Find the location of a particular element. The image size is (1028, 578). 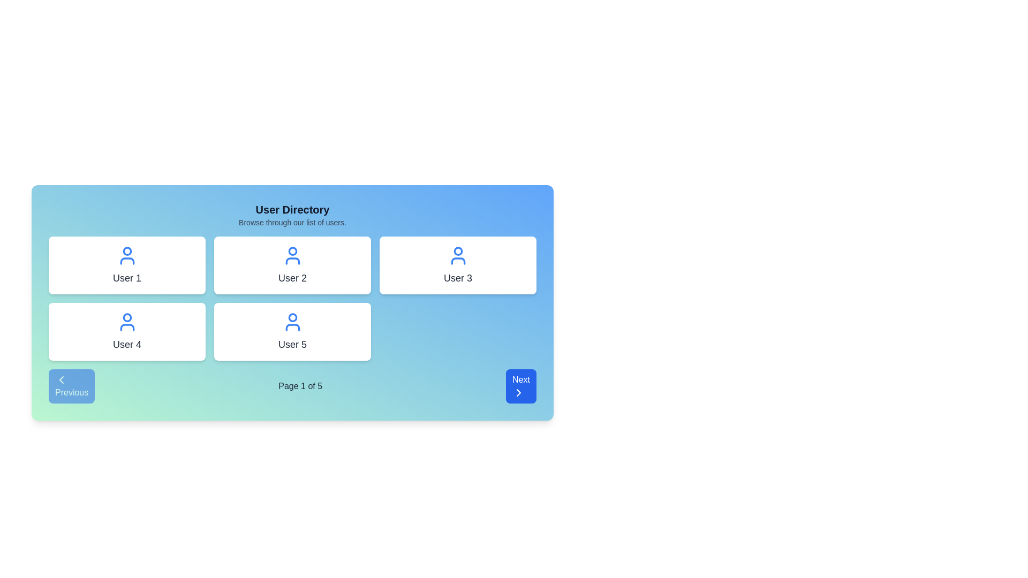

the decorative icon representing 'User 1', located at the center top of the first user card in the grid is located at coordinates (127, 256).